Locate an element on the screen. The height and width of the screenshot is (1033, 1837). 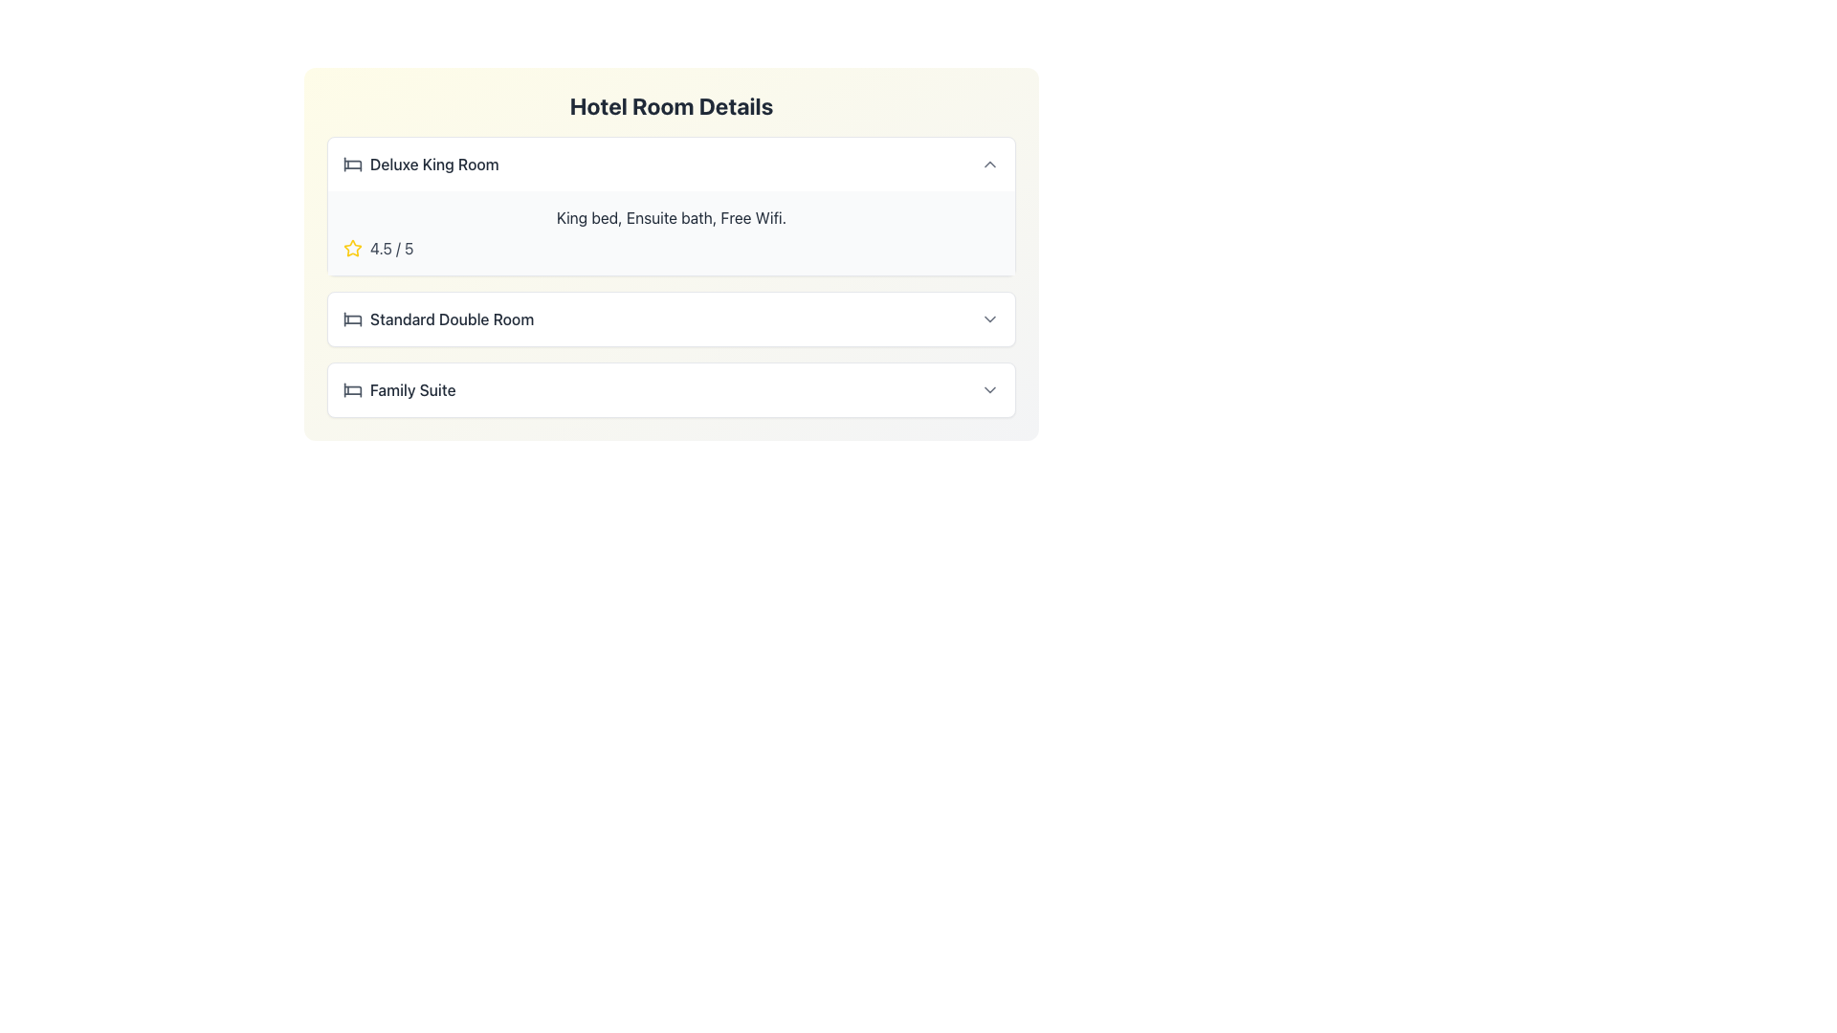
the label that identifies the specific type of hotel room, located in the 'Hotel Room Details' section adjacent to the bed icon is located at coordinates (420, 164).